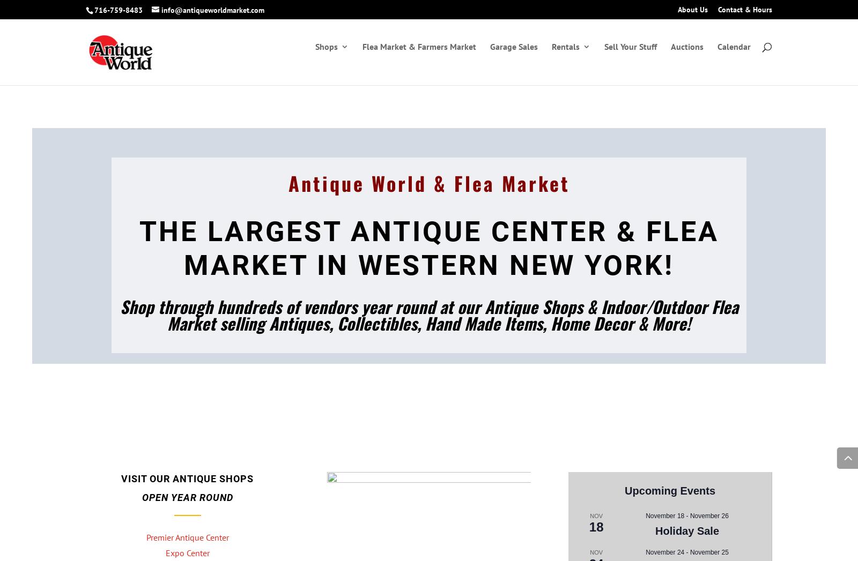 The width and height of the screenshot is (858, 561). What do you see at coordinates (326, 57) in the screenshot?
I see `'Shops'` at bounding box center [326, 57].